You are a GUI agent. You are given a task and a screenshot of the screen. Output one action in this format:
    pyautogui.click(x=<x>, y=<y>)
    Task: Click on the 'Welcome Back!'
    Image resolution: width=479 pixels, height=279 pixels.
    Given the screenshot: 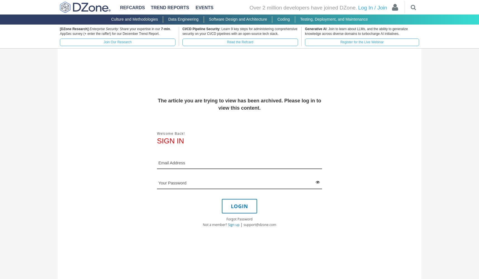 What is the action you would take?
    pyautogui.click(x=171, y=133)
    